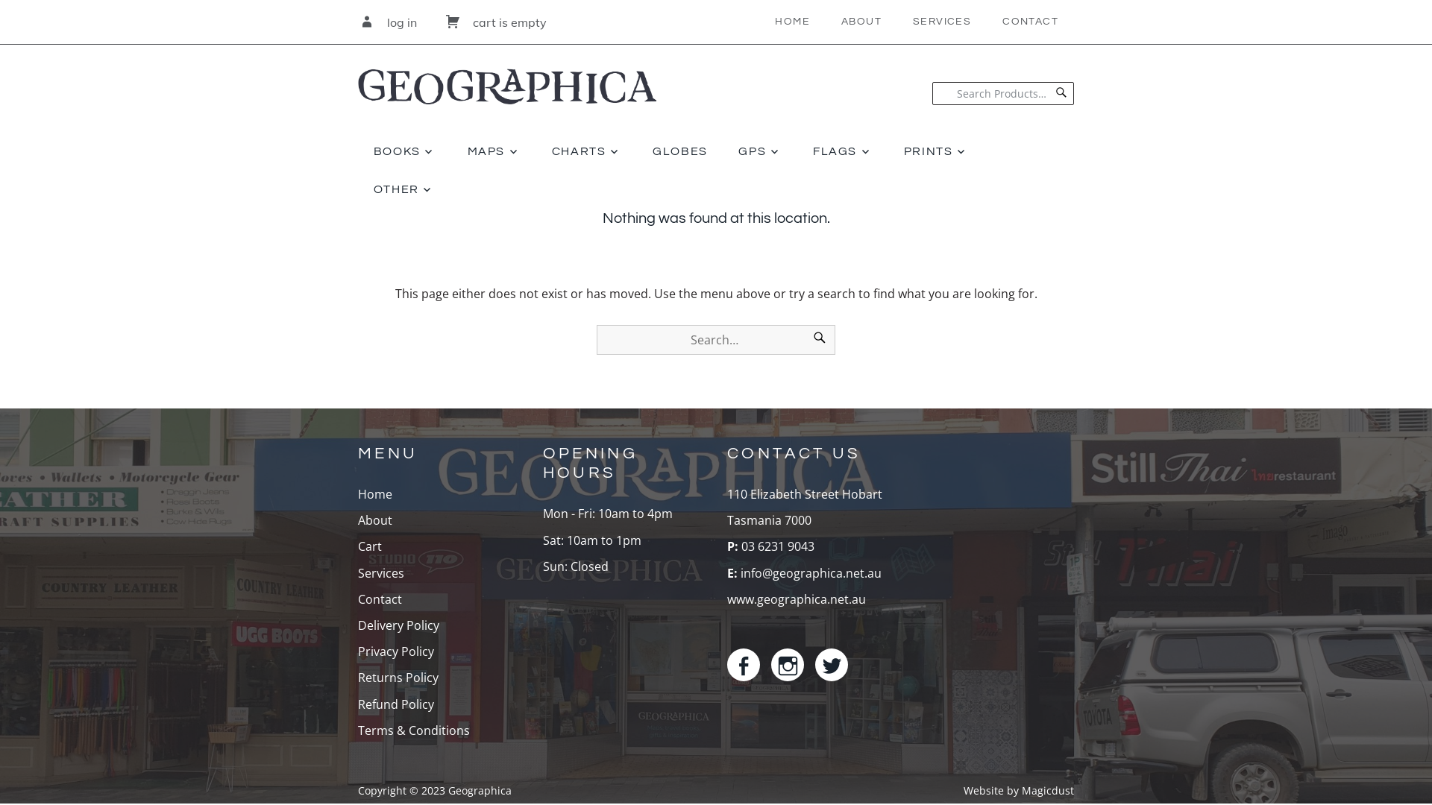  I want to click on 'About', so click(375, 520).